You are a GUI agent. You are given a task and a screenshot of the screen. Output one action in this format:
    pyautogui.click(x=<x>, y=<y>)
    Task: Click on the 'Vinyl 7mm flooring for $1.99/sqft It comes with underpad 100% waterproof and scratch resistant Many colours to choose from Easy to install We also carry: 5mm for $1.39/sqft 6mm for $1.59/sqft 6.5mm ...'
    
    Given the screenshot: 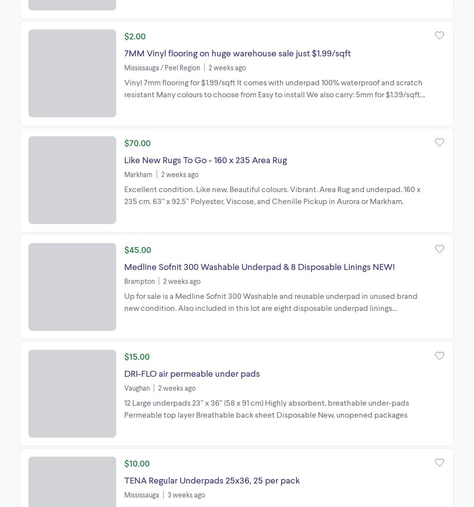 What is the action you would take?
    pyautogui.click(x=273, y=93)
    